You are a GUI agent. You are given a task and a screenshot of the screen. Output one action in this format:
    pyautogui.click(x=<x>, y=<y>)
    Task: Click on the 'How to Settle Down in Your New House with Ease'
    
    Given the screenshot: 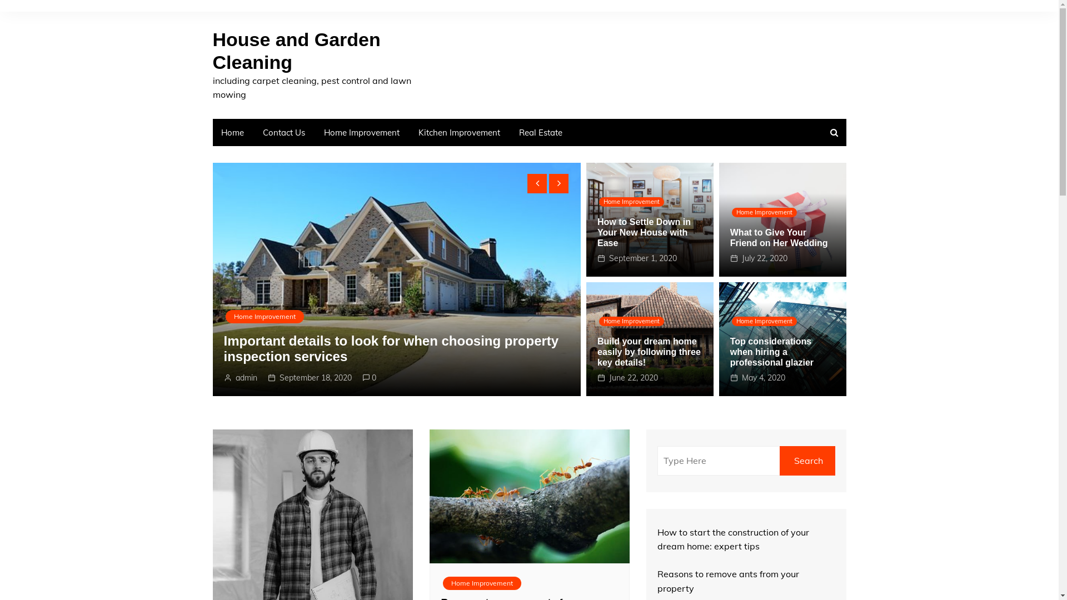 What is the action you would take?
    pyautogui.click(x=644, y=232)
    